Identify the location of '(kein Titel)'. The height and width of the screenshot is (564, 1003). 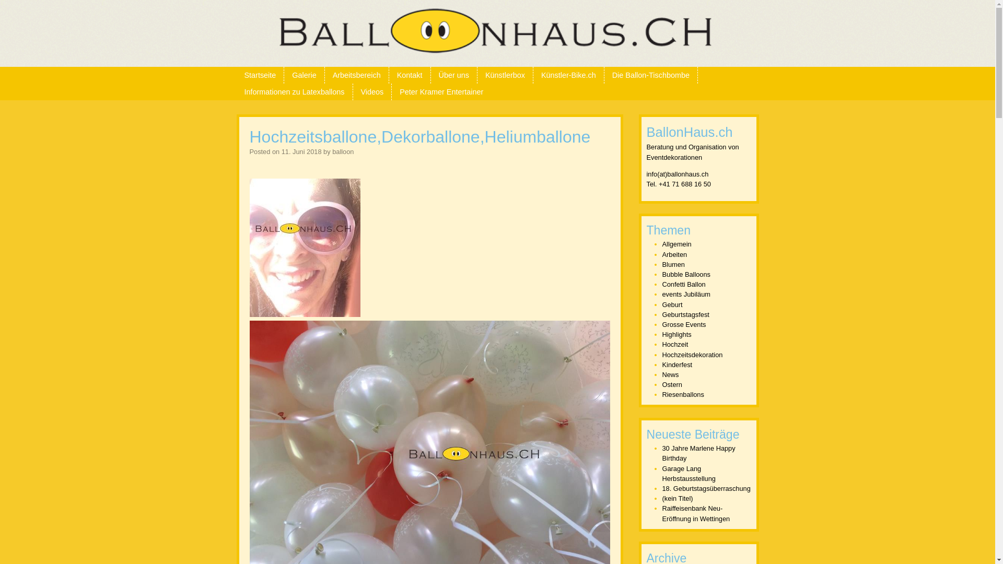
(678, 498).